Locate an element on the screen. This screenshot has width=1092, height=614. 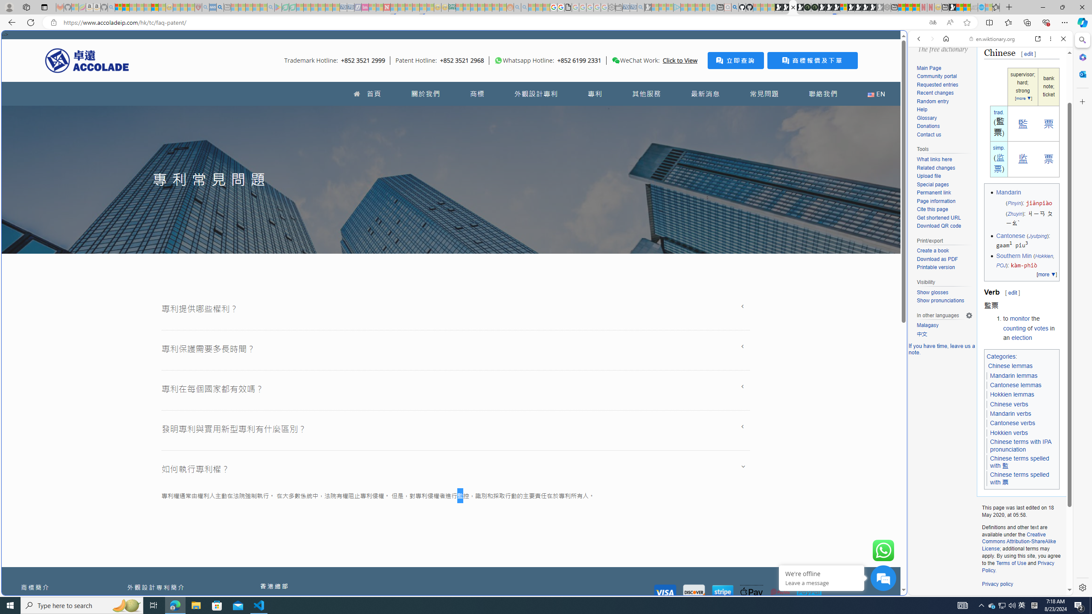
'Requested entries' is located at coordinates (944, 85).